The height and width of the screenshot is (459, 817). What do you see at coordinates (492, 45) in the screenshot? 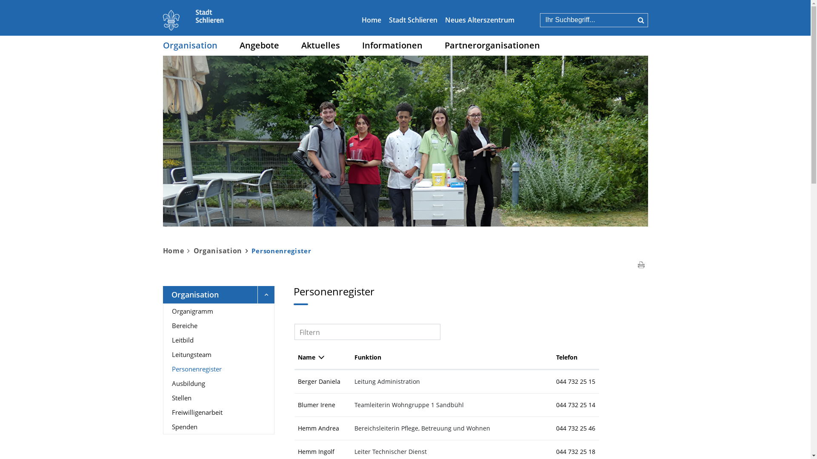
I see `'Partnerorganisationen'` at bounding box center [492, 45].